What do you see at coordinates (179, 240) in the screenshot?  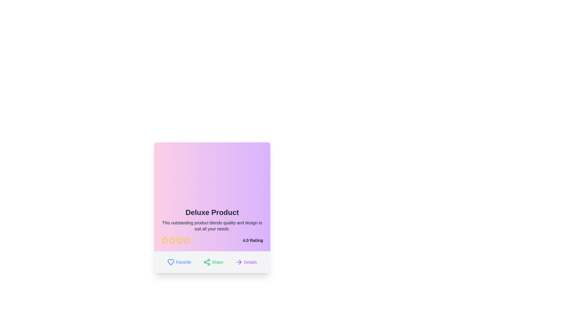 I see `the third star icon in the rating control for the 'Deluxe Product' to provide a rating` at bounding box center [179, 240].